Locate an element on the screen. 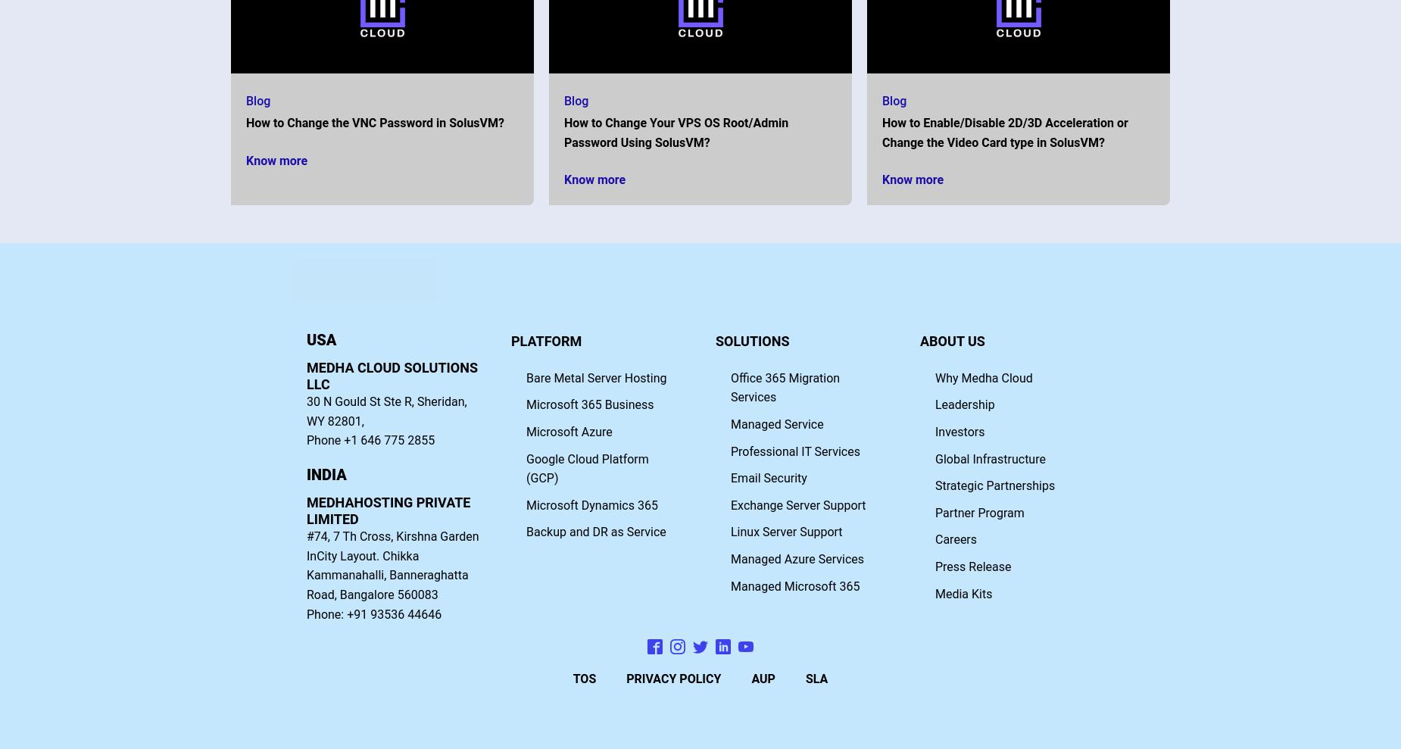 The height and width of the screenshot is (749, 1401). 'Phone +1 646 775 2855' is located at coordinates (370, 439).